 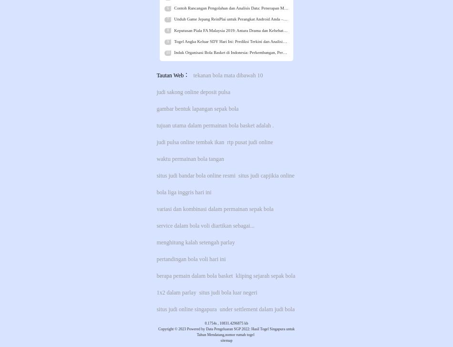 What do you see at coordinates (269, 19) in the screenshot?
I see `'Unduh Game Jepang ReinPlai untuk Perangkat Android Anda – Nikmati Hiburan Menarik di Genggaman Anda'` at bounding box center [269, 19].